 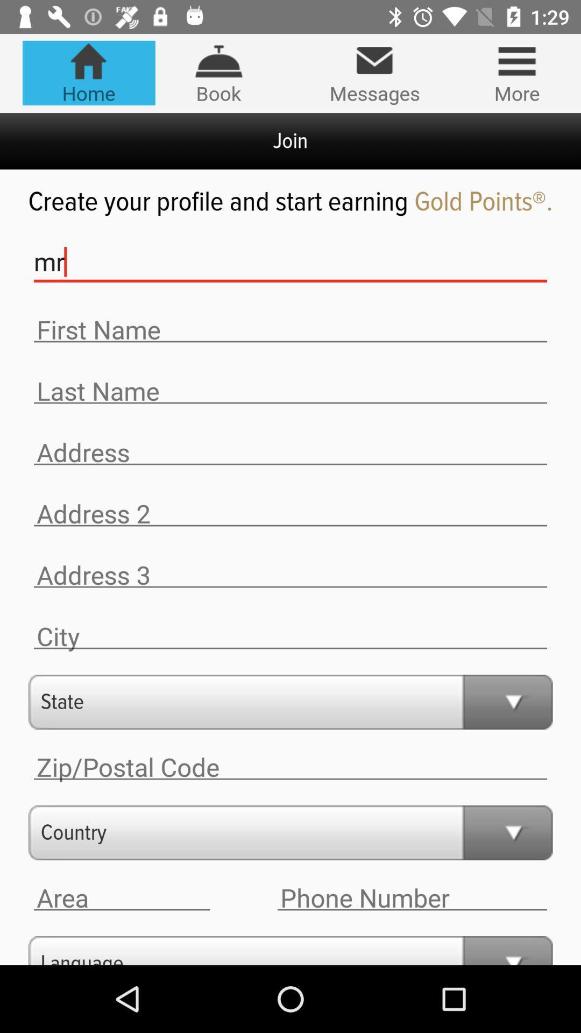 What do you see at coordinates (290, 391) in the screenshot?
I see `last name` at bounding box center [290, 391].